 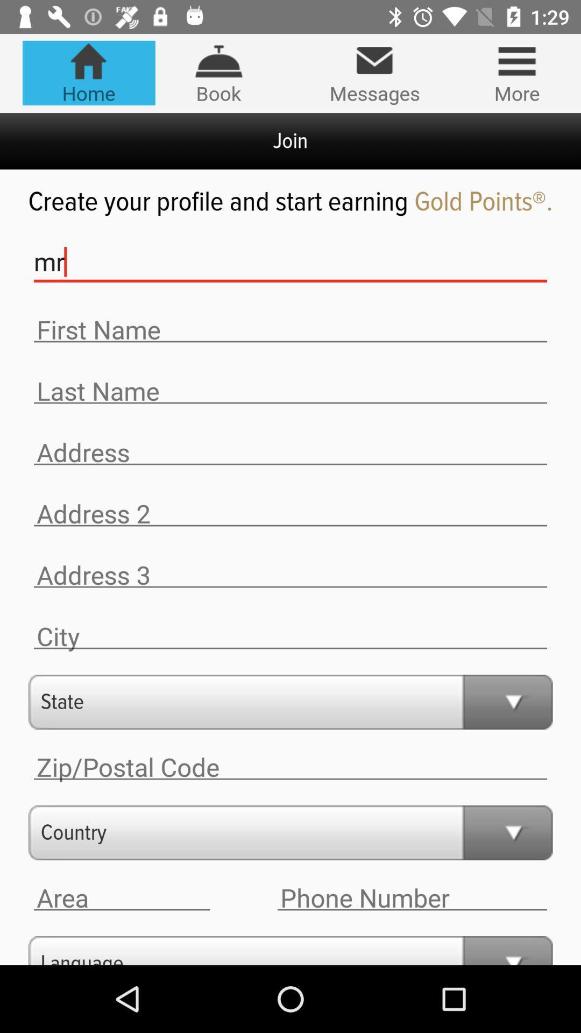 What do you see at coordinates (290, 391) in the screenshot?
I see `last name` at bounding box center [290, 391].